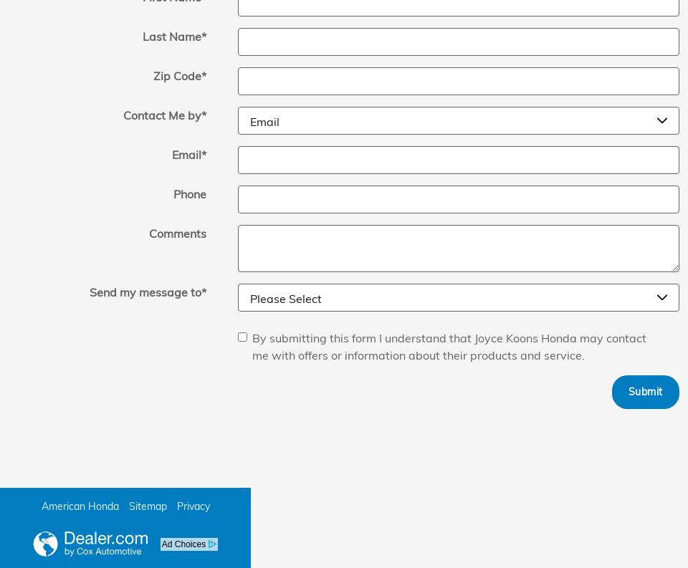 The width and height of the screenshot is (688, 568). Describe the element at coordinates (144, 291) in the screenshot. I see `'Send my message to'` at that location.